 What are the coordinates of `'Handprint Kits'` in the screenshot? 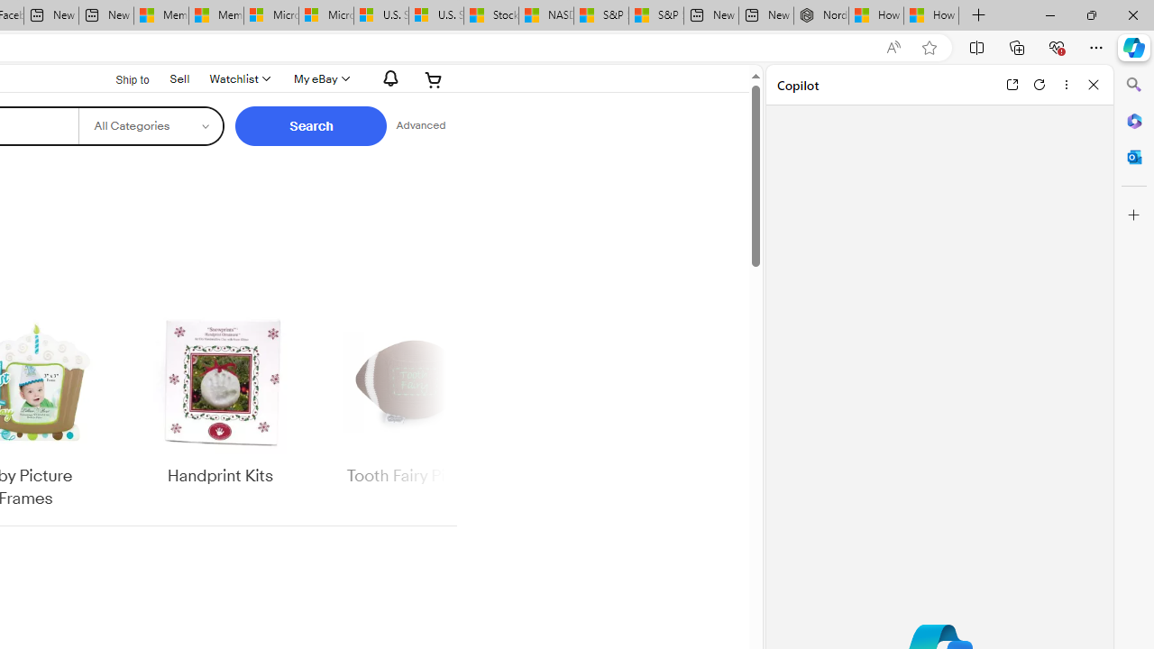 It's located at (219, 410).